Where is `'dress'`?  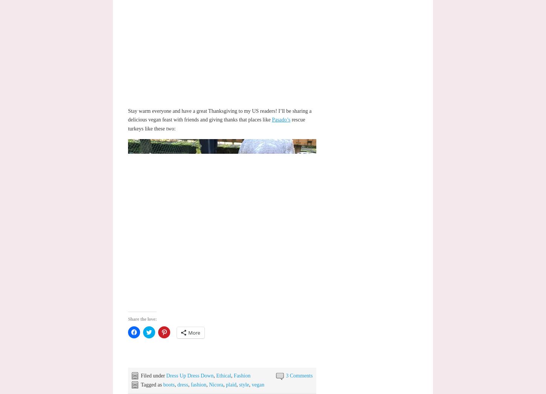 'dress' is located at coordinates (176, 385).